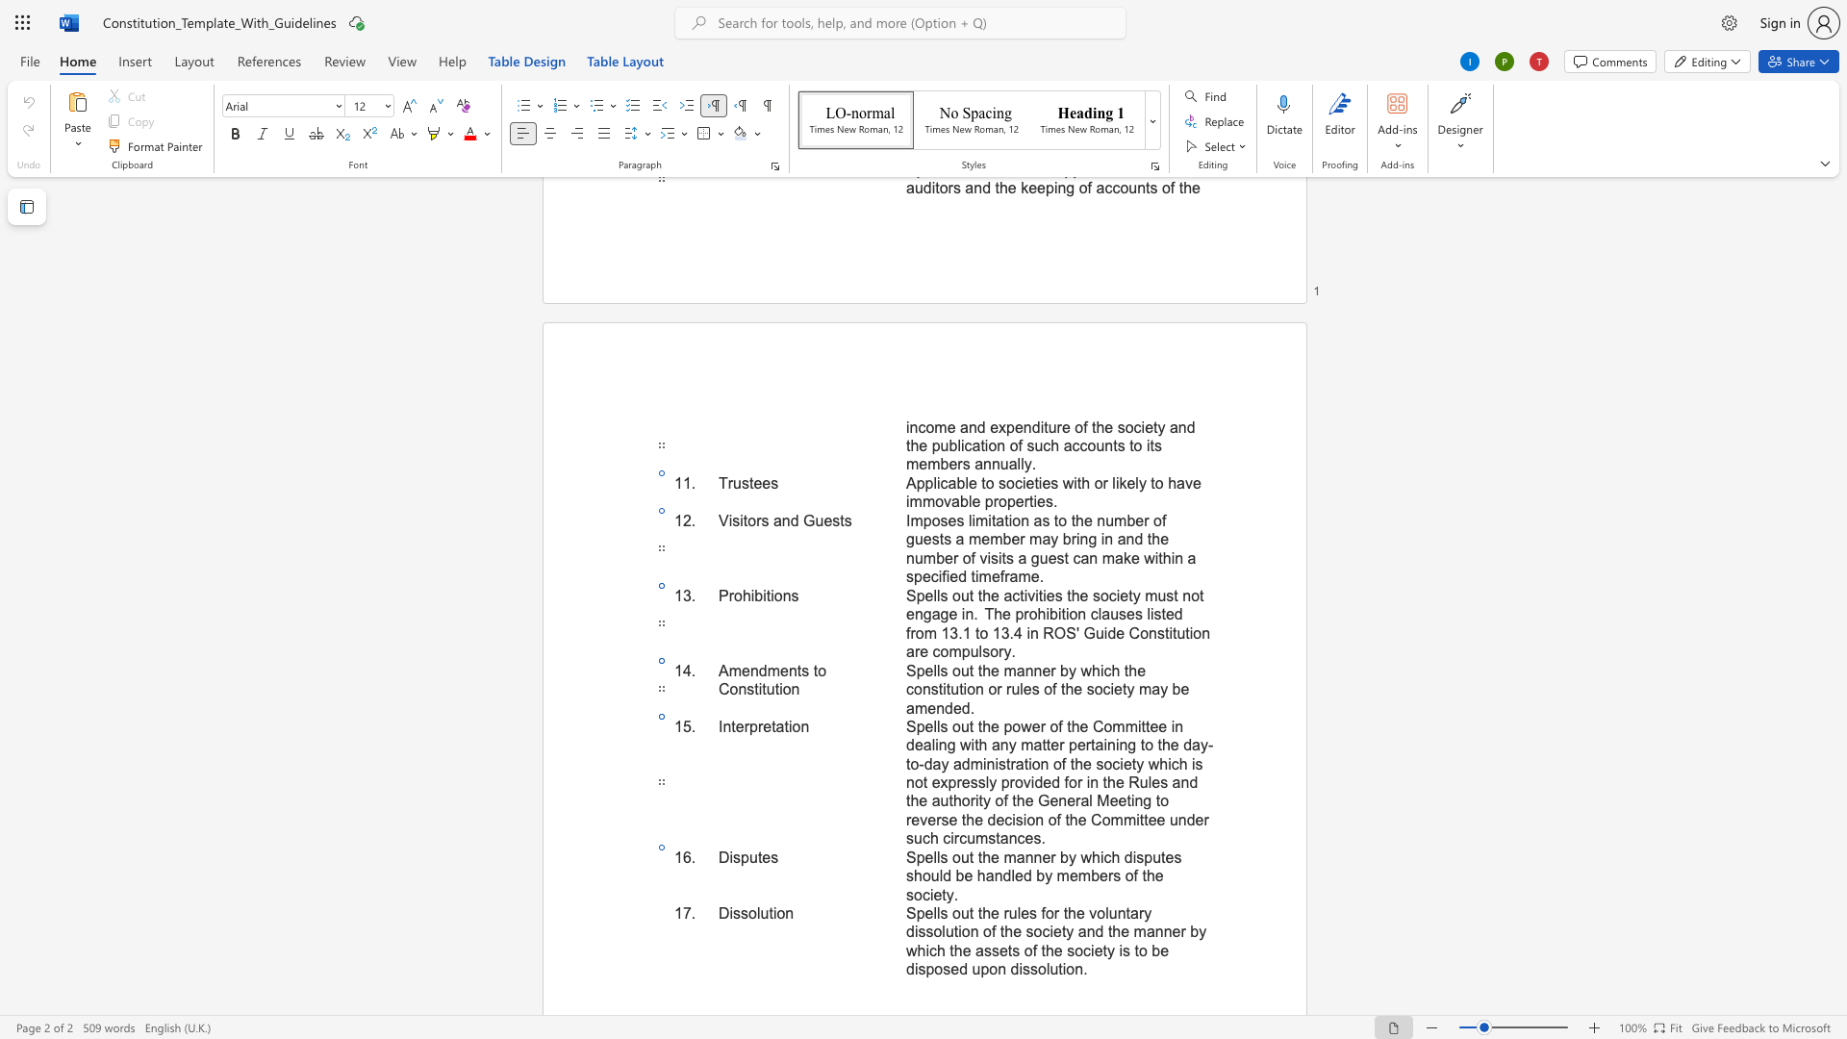 The width and height of the screenshot is (1847, 1039). I want to click on the 1th character "a" in the text, so click(1020, 856).